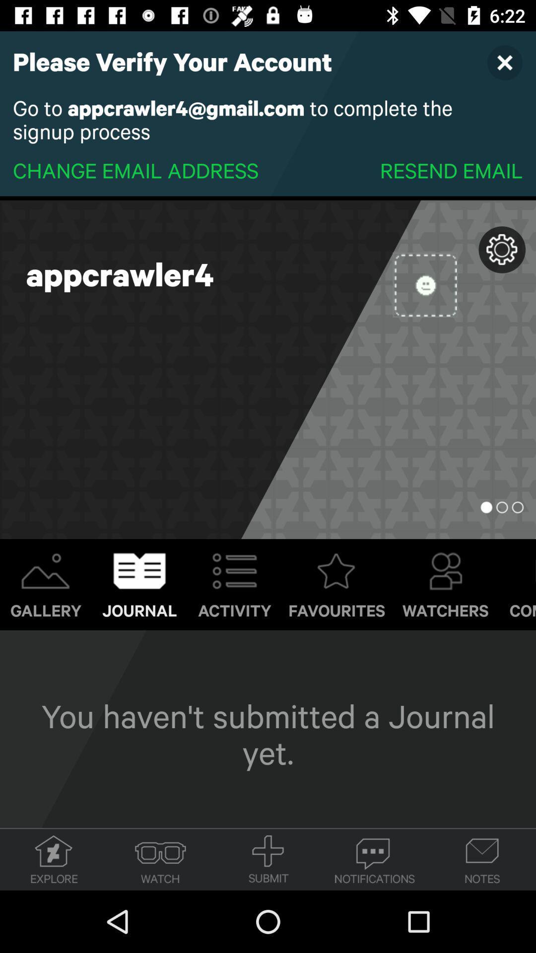 The height and width of the screenshot is (953, 536). Describe the element at coordinates (505, 62) in the screenshot. I see `the close icon` at that location.